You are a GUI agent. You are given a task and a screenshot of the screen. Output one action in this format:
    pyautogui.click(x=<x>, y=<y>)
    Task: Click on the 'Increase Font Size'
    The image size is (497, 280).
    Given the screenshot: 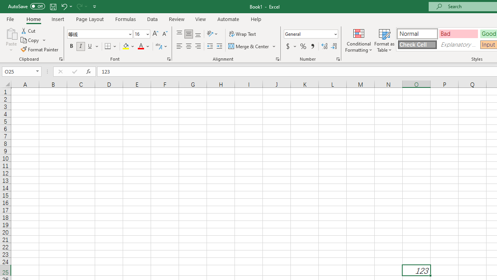 What is the action you would take?
    pyautogui.click(x=155, y=33)
    